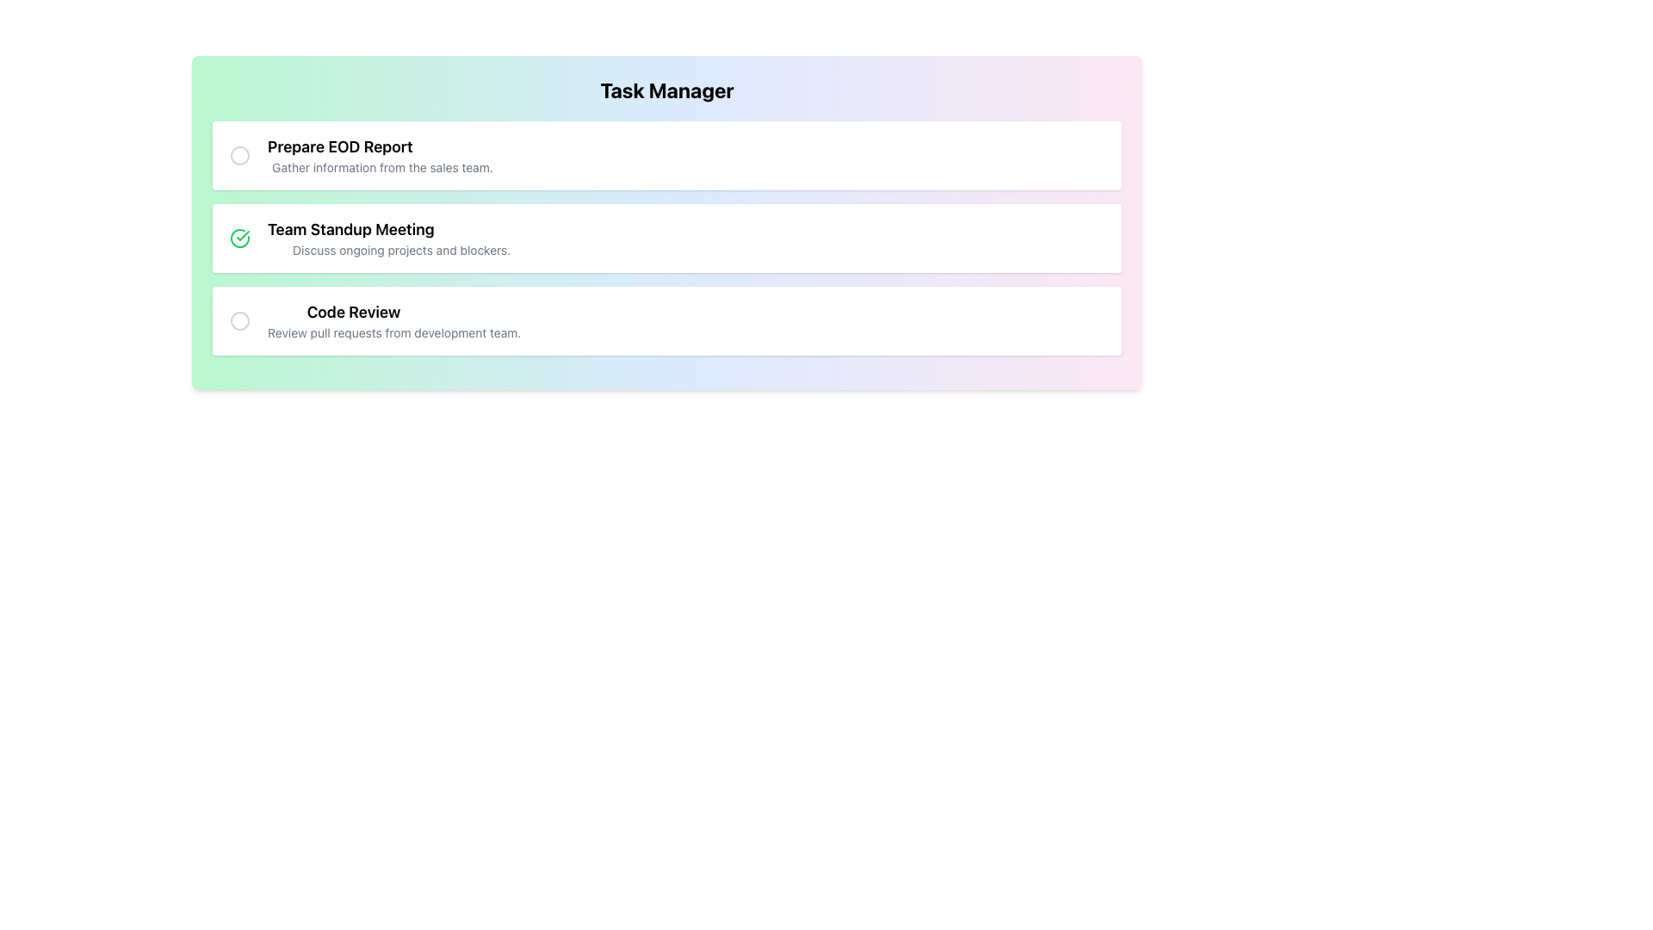 The height and width of the screenshot is (930, 1653). Describe the element at coordinates (393, 312) in the screenshot. I see `text label that displays 'Code Review' with 'Low Priority' underneath, which is the third entry in the Task Manager panel` at that location.